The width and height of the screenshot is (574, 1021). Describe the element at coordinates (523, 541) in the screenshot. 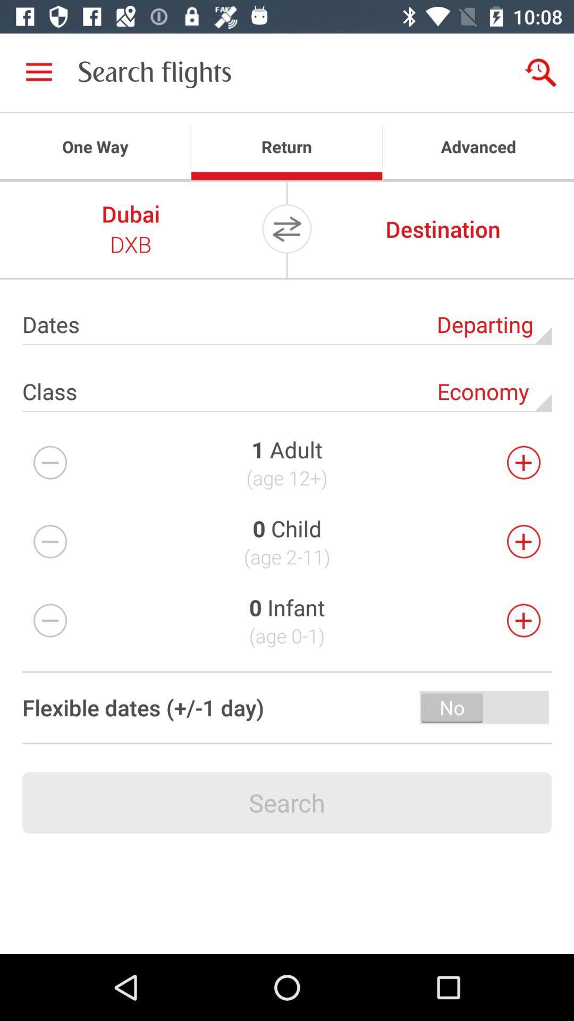

I see `the add icon` at that location.